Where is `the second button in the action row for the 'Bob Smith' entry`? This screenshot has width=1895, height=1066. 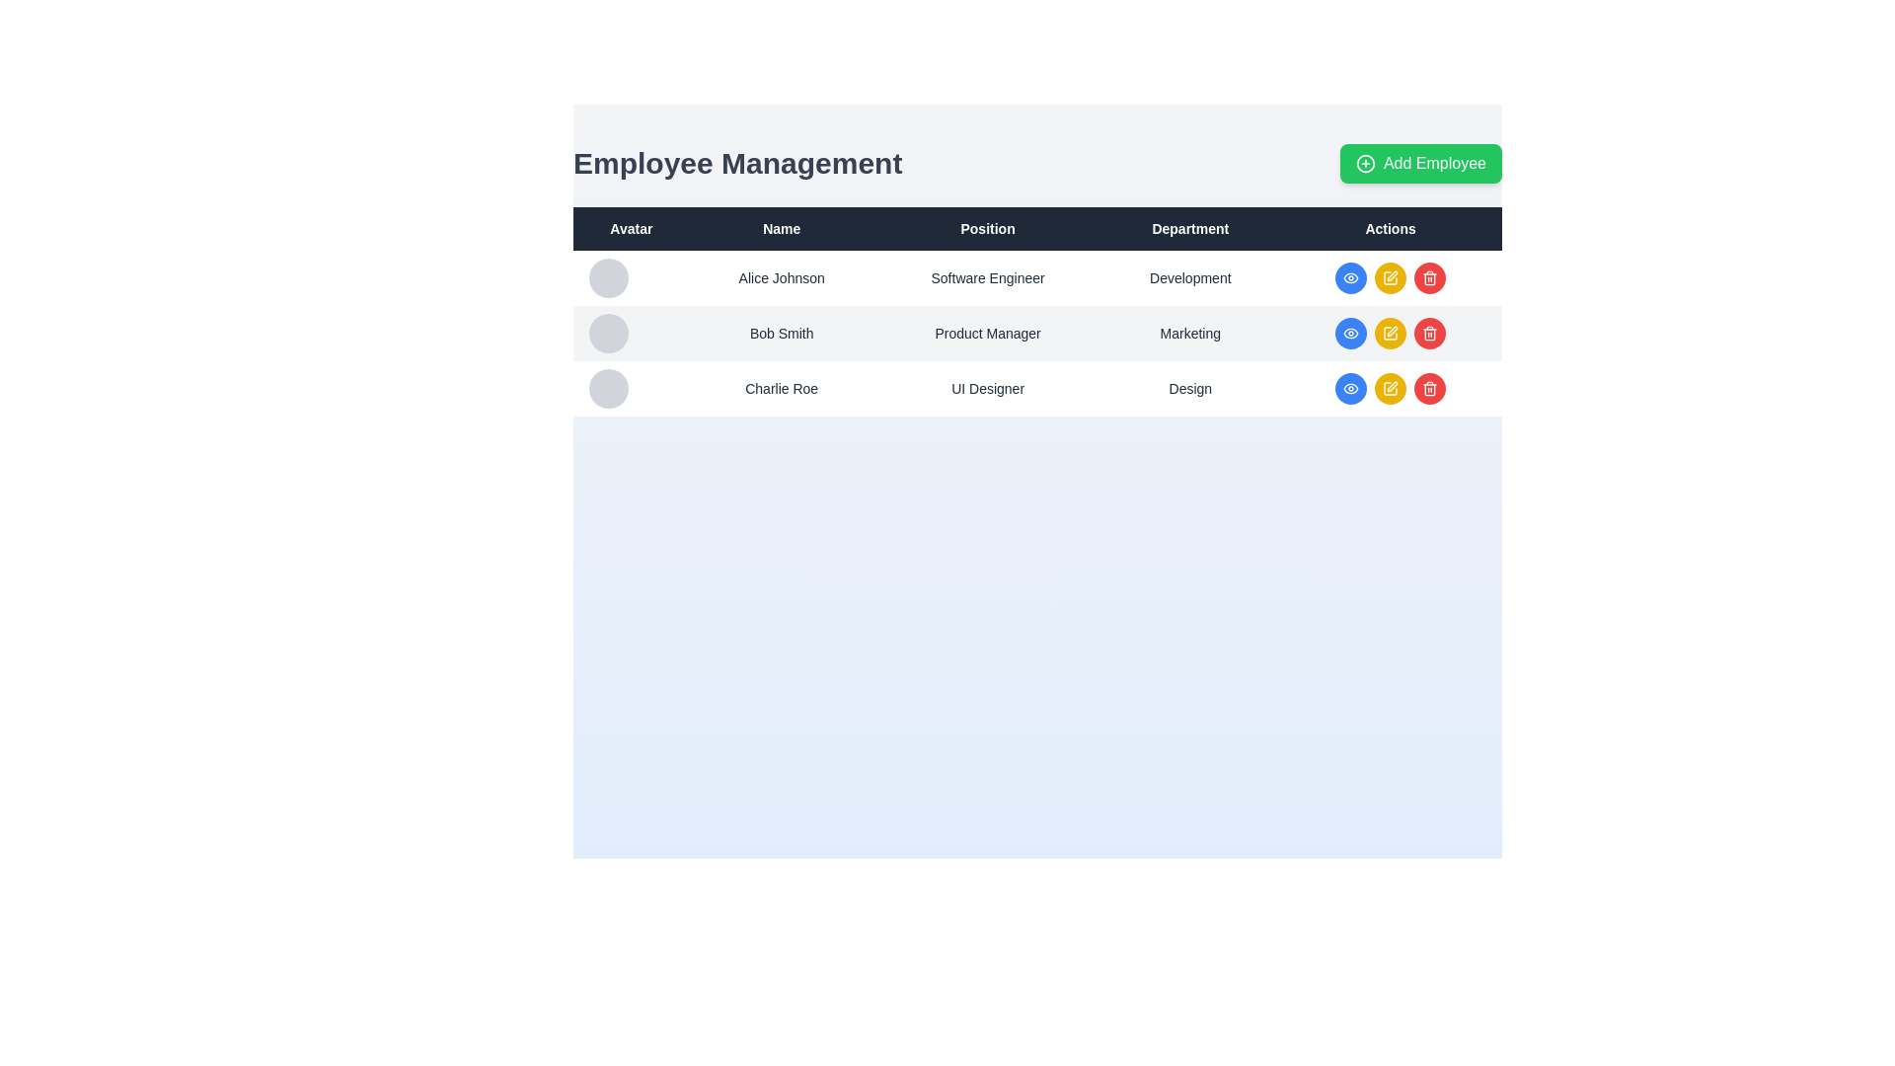
the second button in the action row for the 'Bob Smith' entry is located at coordinates (1390, 333).